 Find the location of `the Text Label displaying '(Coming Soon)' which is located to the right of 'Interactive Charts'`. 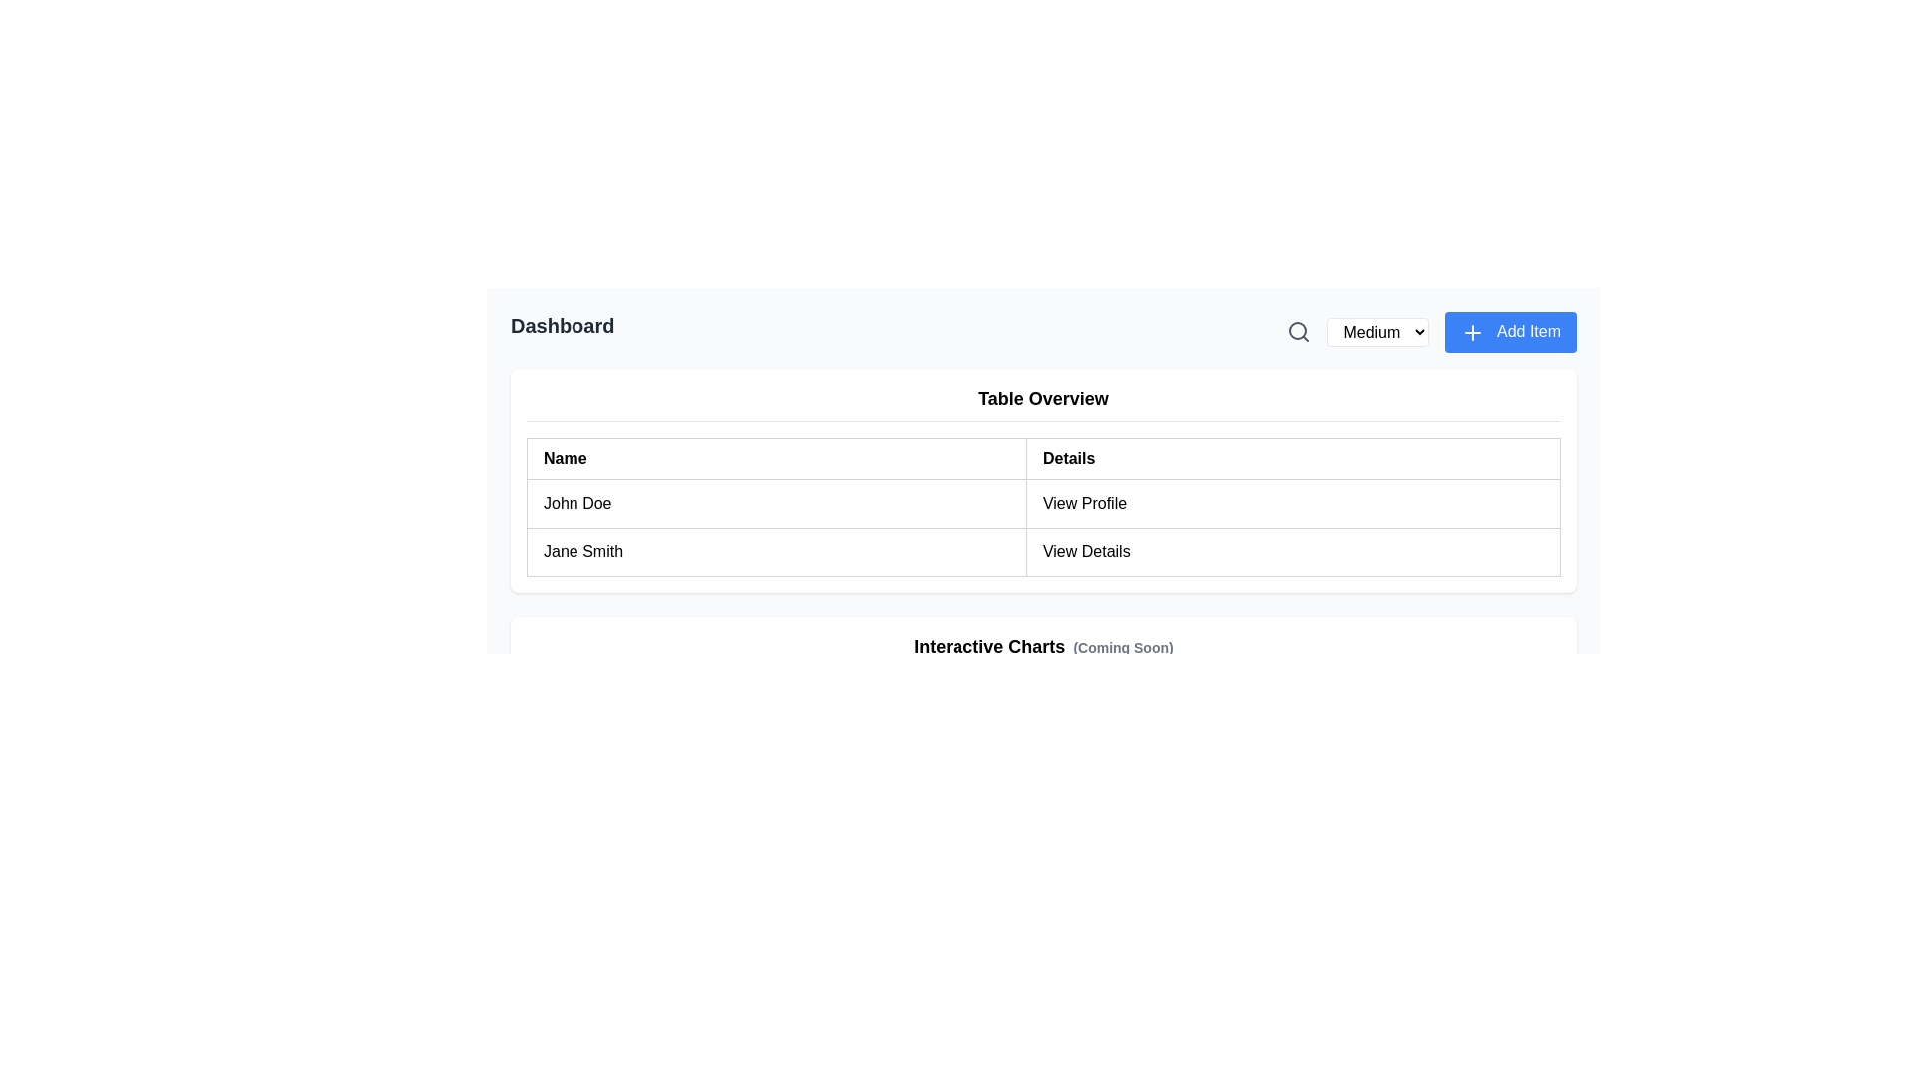

the Text Label displaying '(Coming Soon)' which is located to the right of 'Interactive Charts' is located at coordinates (1123, 647).